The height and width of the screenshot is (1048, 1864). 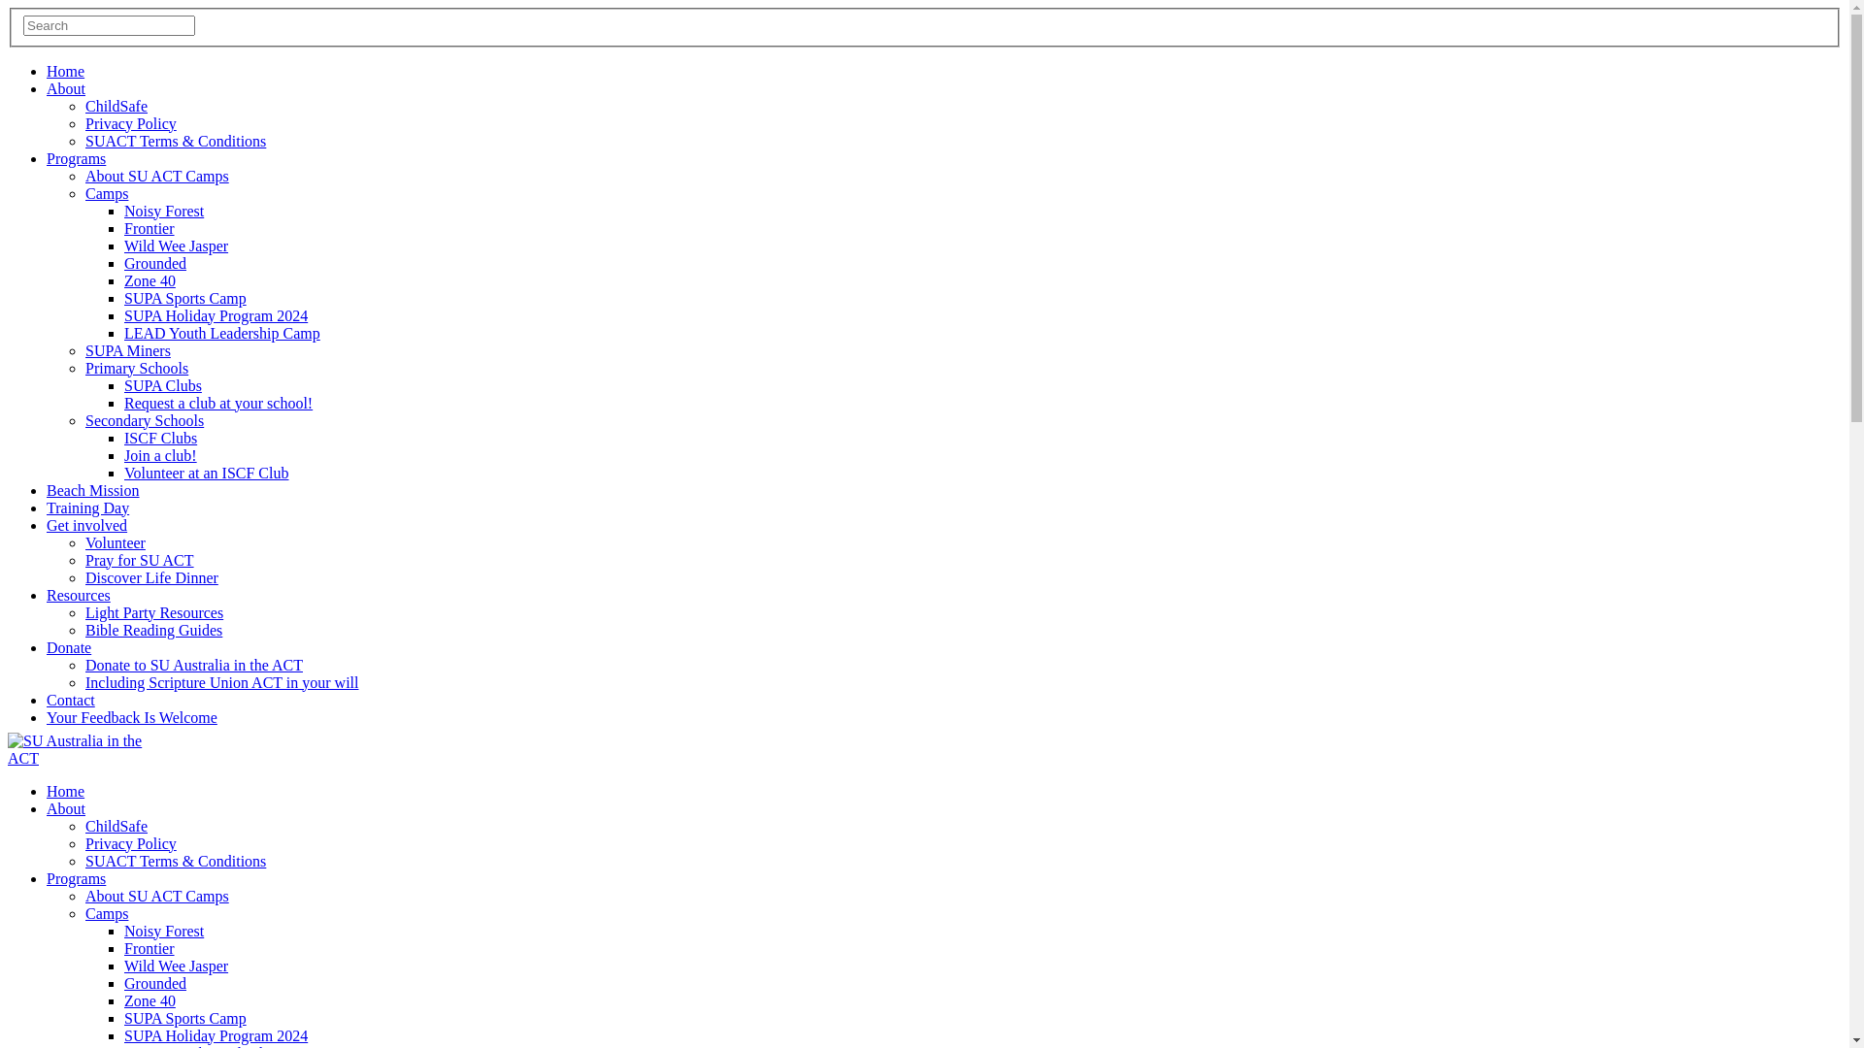 What do you see at coordinates (163, 930) in the screenshot?
I see `'Noisy Forest'` at bounding box center [163, 930].